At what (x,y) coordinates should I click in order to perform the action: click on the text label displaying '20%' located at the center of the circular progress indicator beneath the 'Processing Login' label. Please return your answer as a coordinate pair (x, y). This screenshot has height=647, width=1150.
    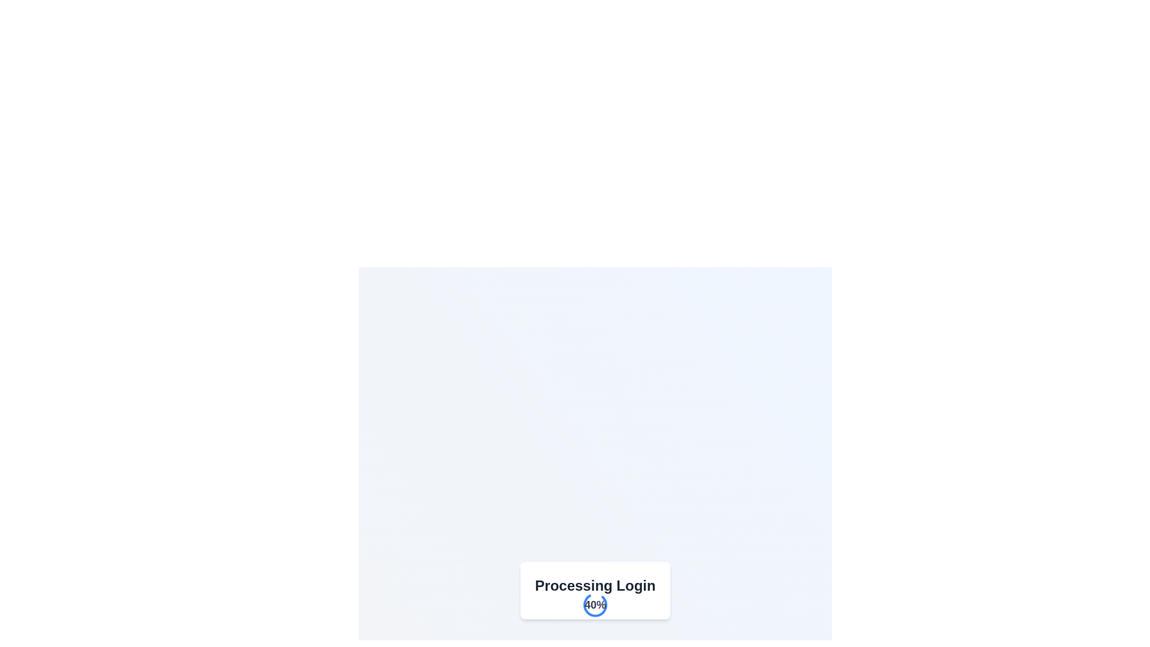
    Looking at the image, I should click on (595, 605).